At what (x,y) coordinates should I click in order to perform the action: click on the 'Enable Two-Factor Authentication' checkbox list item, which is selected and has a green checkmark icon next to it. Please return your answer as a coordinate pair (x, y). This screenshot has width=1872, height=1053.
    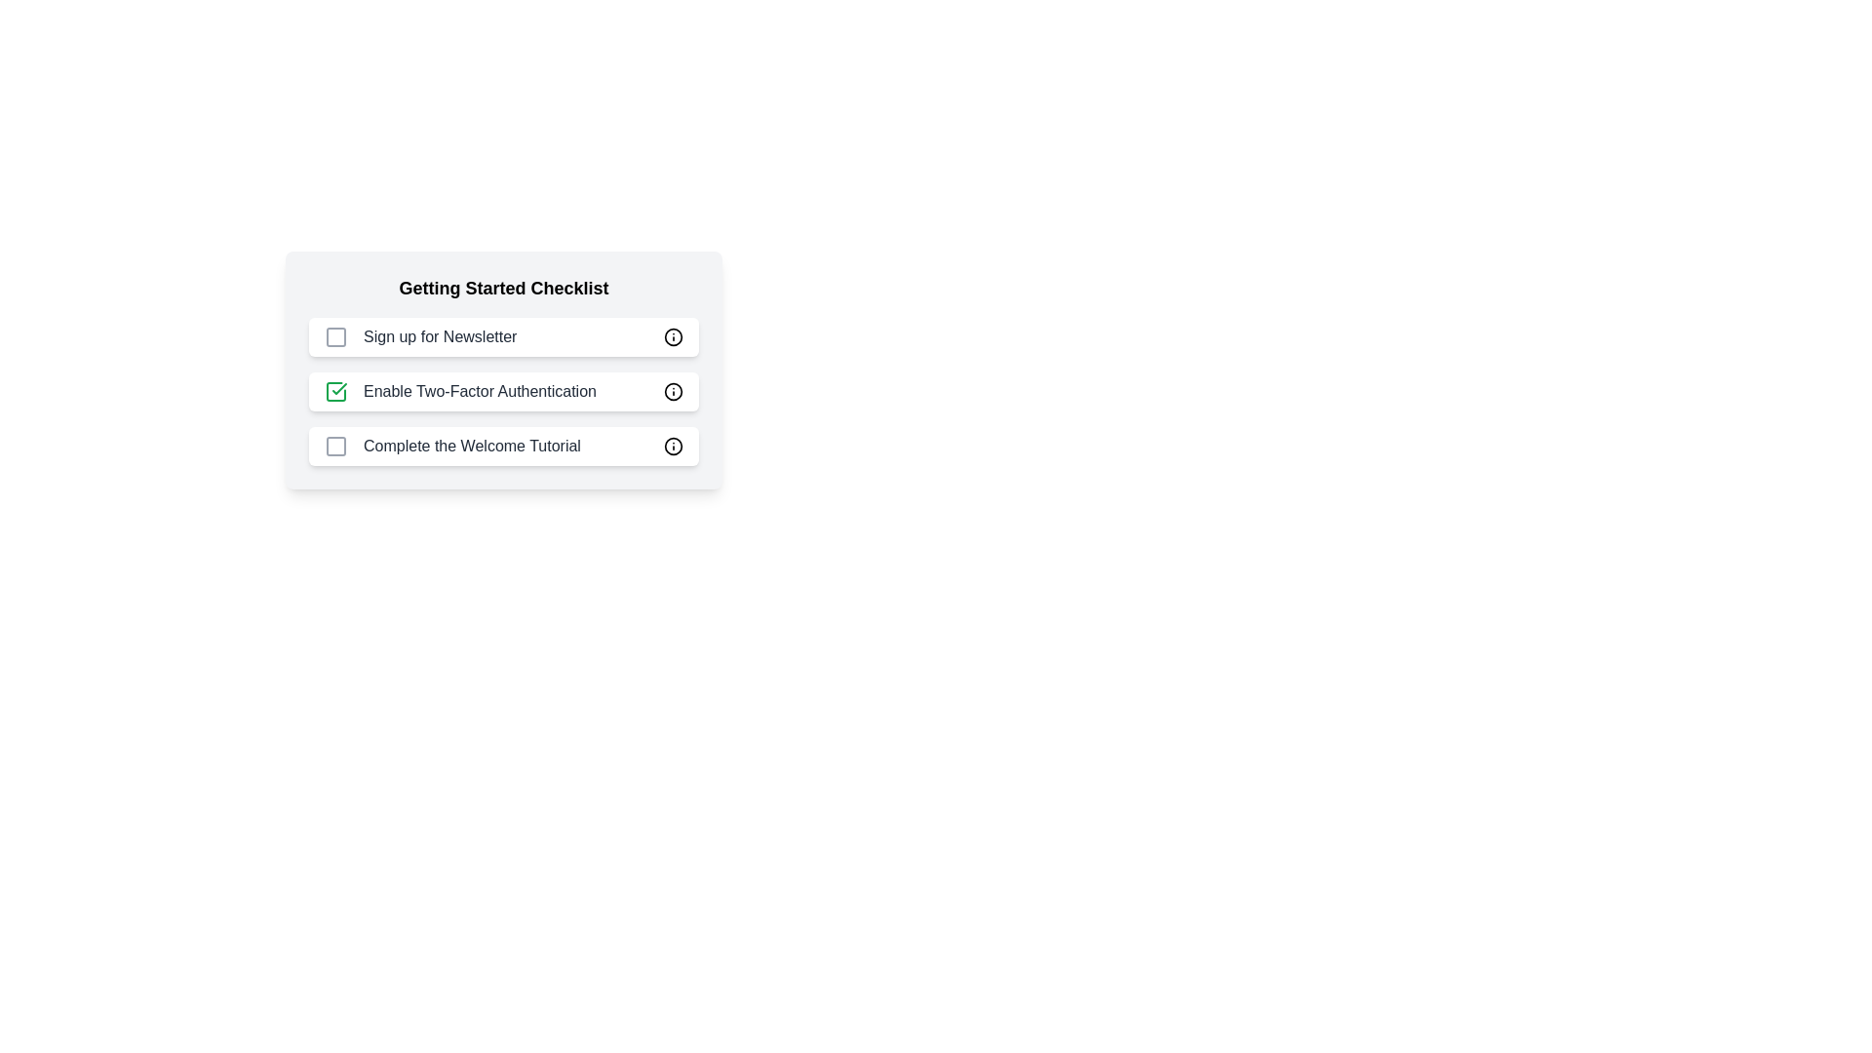
    Looking at the image, I should click on (459, 391).